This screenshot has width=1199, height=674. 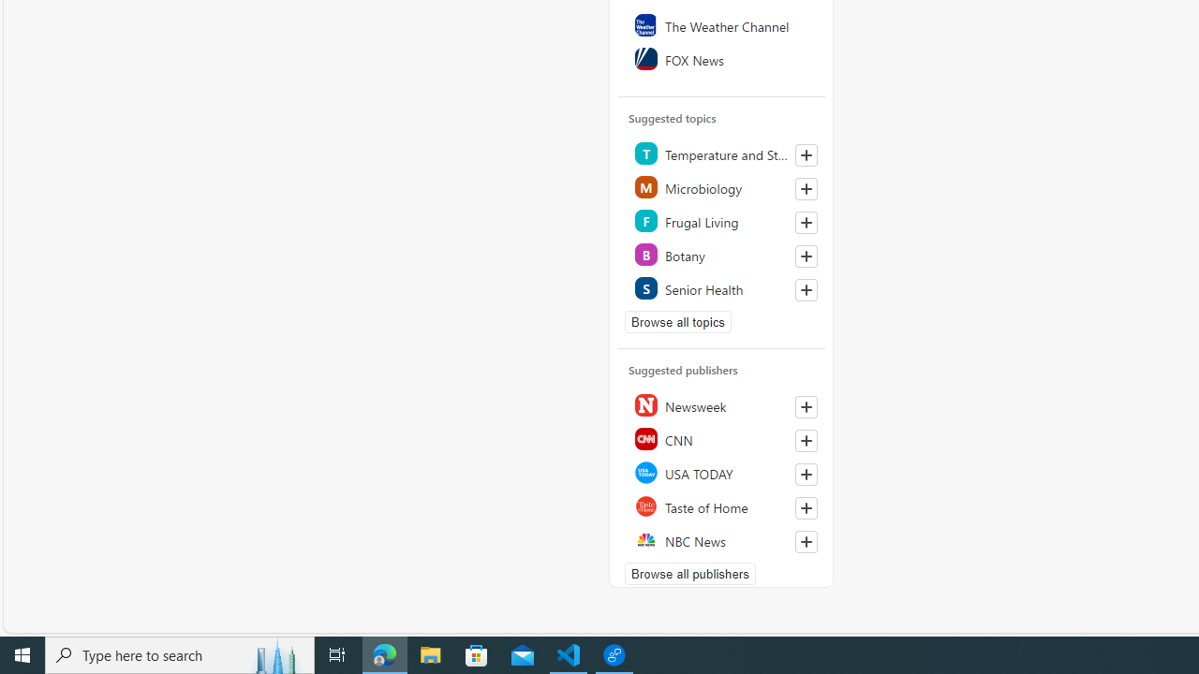 I want to click on 'NBC News', so click(x=721, y=540).